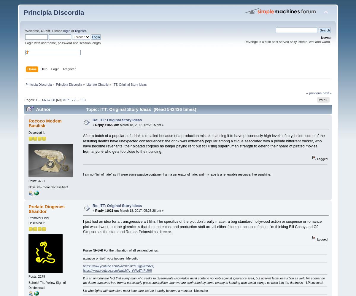 The image size is (356, 296). What do you see at coordinates (53, 100) in the screenshot?
I see `'68'` at bounding box center [53, 100].